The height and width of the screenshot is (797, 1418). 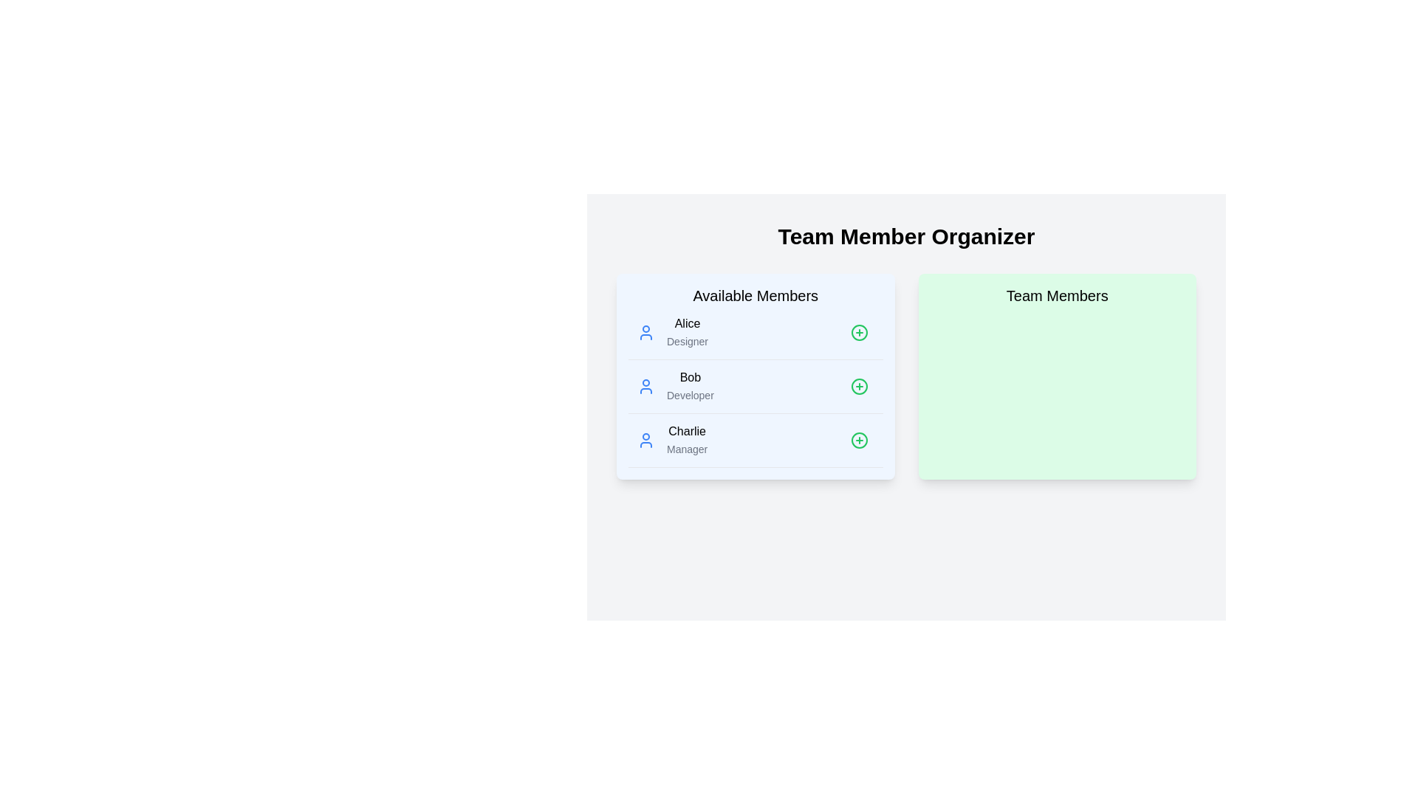 I want to click on text of the label that indicates the role or position of 'Alice' in the 'Available Members' list, situated directly below the text 'Alice', so click(x=687, y=341).